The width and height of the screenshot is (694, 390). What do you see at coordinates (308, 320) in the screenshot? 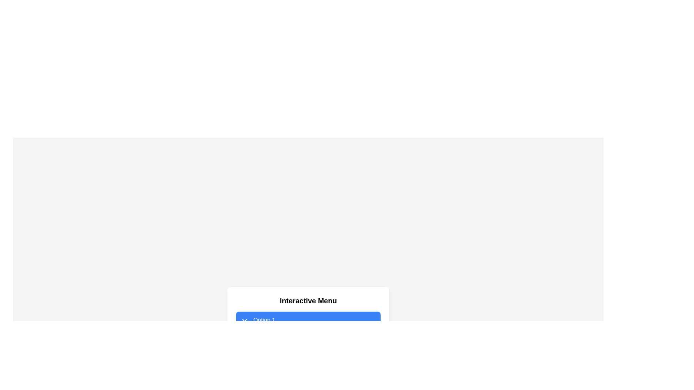
I see `the blue button labeled 'Option 1' with a downward chevron icon` at bounding box center [308, 320].